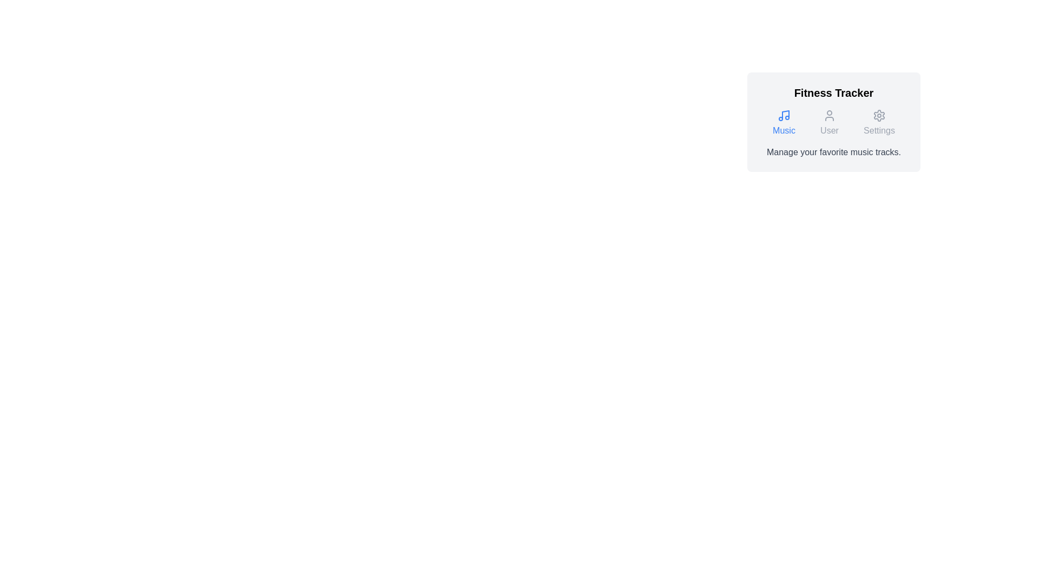 Image resolution: width=1039 pixels, height=584 pixels. What do you see at coordinates (784, 122) in the screenshot?
I see `the music navigation button located to the left of 'User' and 'Settings' under the title 'Fitness Tracker'` at bounding box center [784, 122].